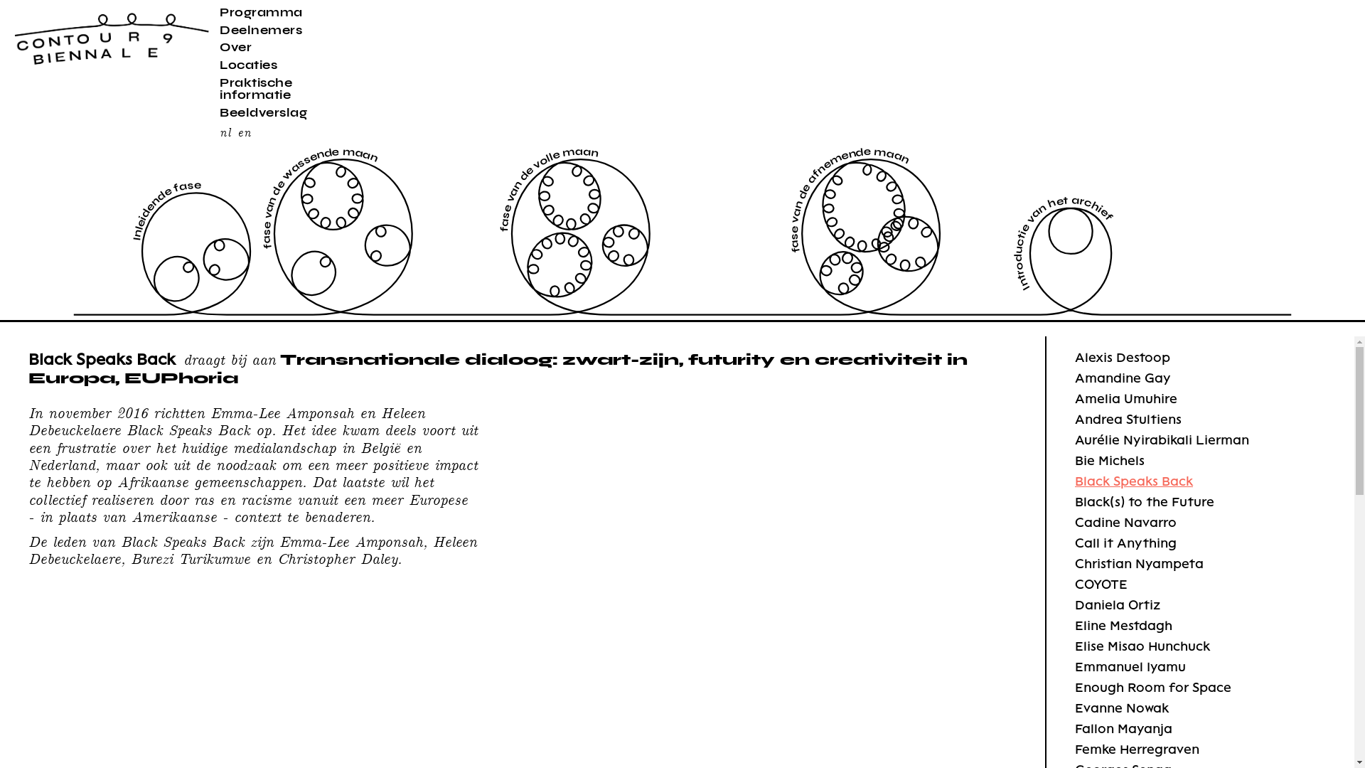 This screenshot has width=1365, height=768. What do you see at coordinates (1133, 480) in the screenshot?
I see `'Black Speaks Back'` at bounding box center [1133, 480].